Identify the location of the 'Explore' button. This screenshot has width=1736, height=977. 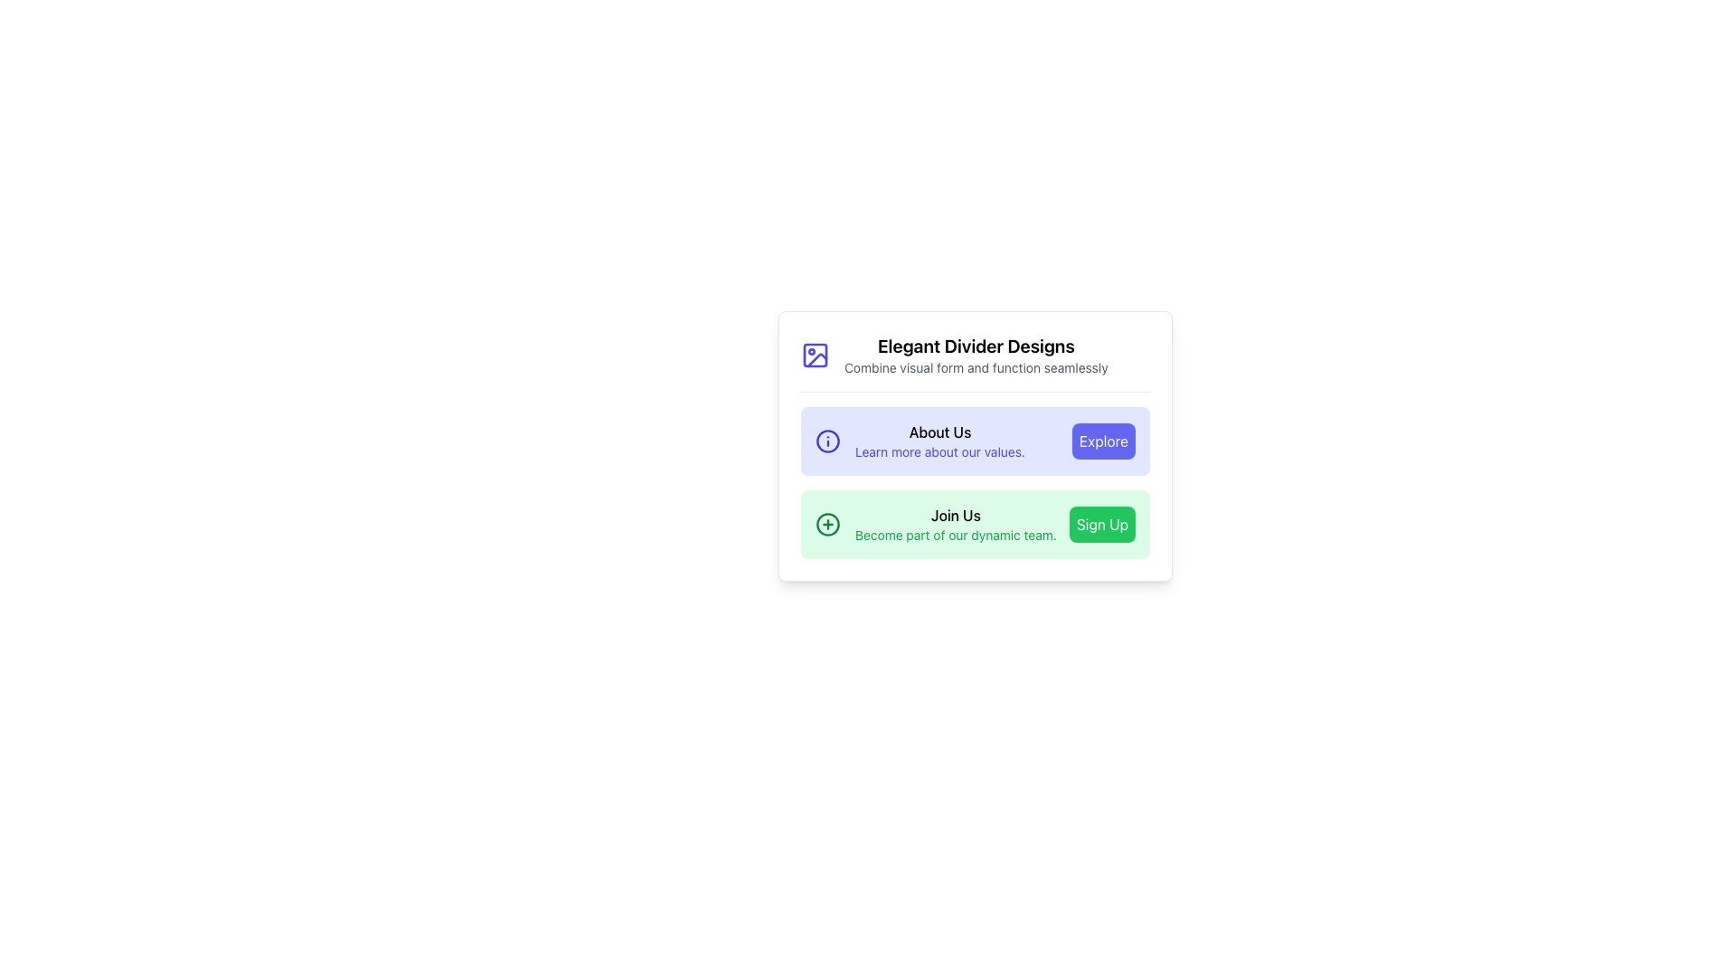
(1102, 441).